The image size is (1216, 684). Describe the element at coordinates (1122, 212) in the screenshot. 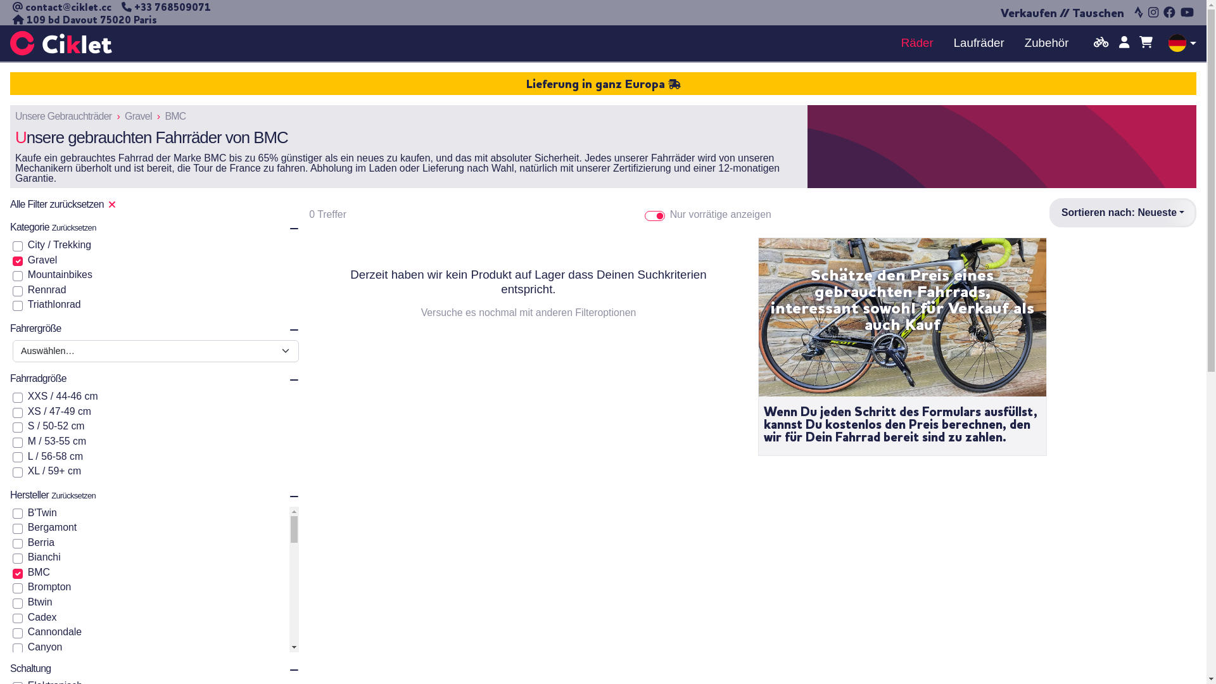

I see `'Sortieren nach: Neueste'` at that location.